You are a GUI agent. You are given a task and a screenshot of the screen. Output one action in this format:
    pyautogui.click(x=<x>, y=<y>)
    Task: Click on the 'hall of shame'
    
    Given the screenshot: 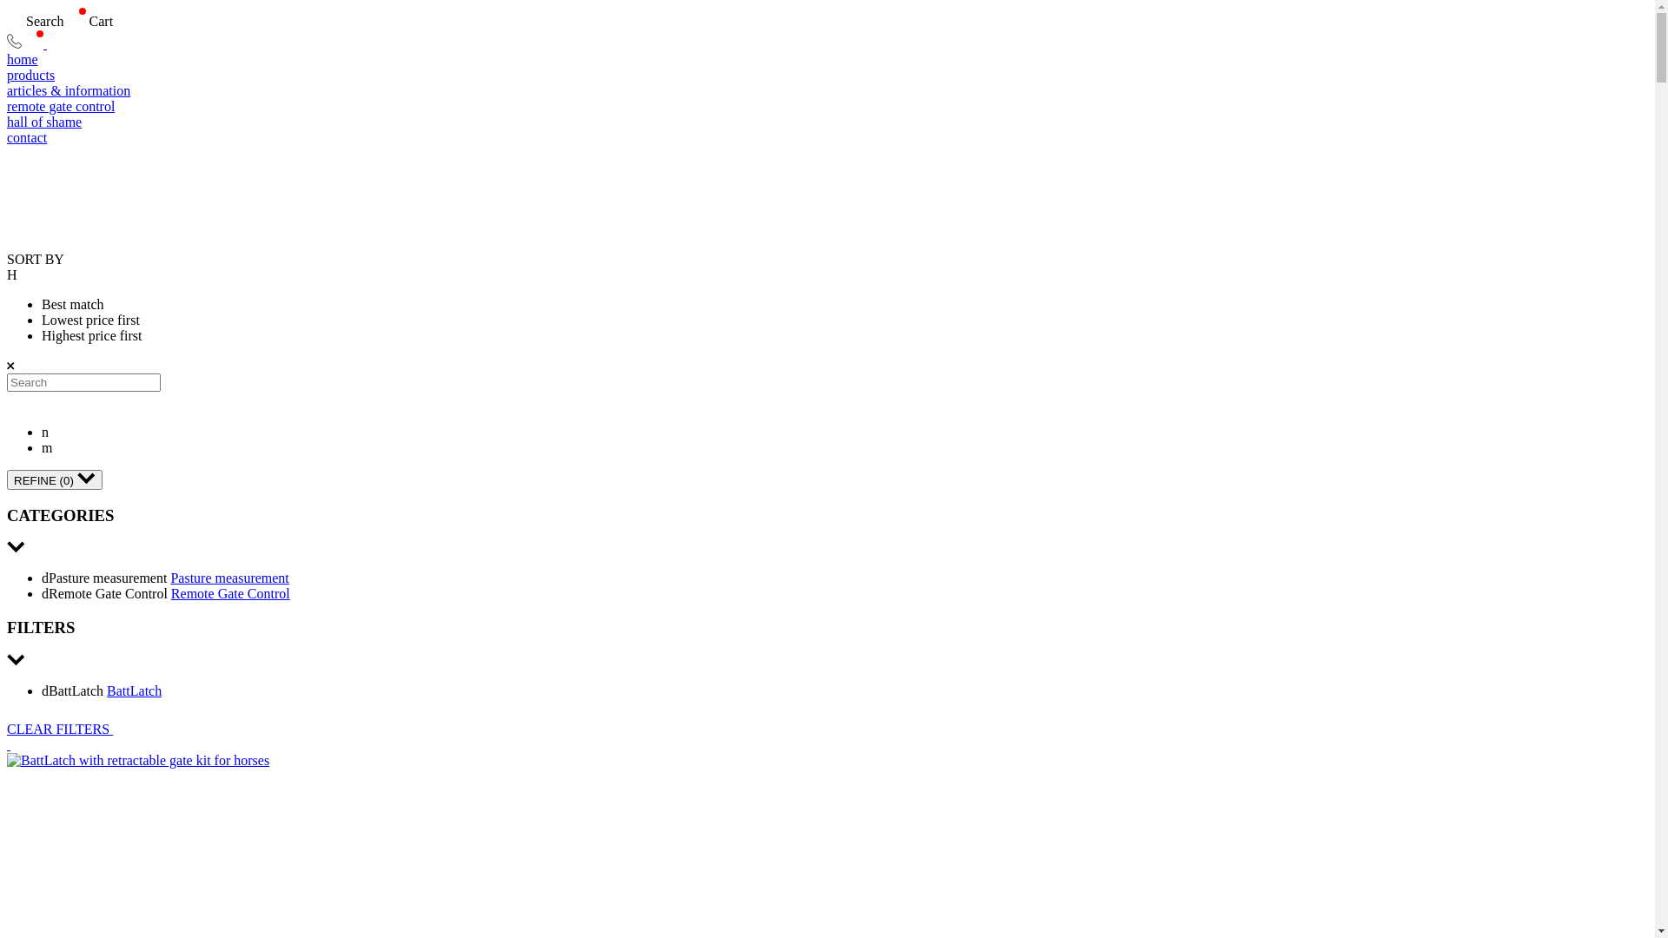 What is the action you would take?
    pyautogui.click(x=826, y=122)
    